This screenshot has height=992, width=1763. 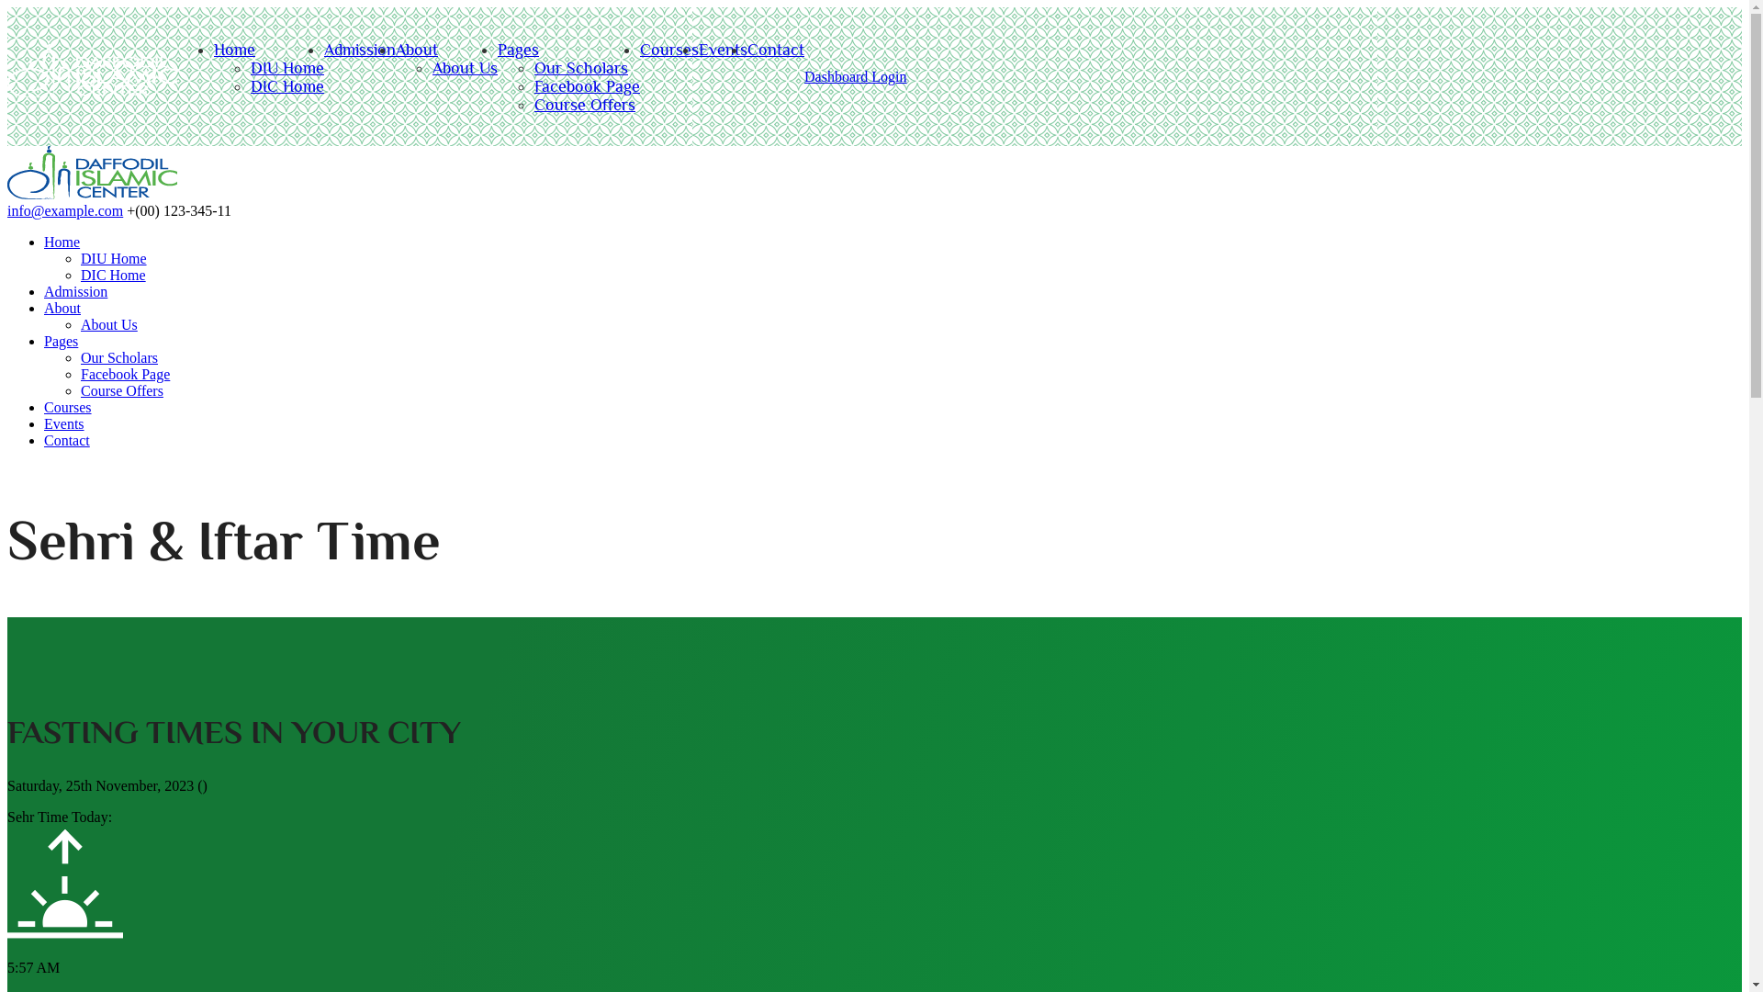 I want to click on 'DIU Home', so click(x=286, y=66).